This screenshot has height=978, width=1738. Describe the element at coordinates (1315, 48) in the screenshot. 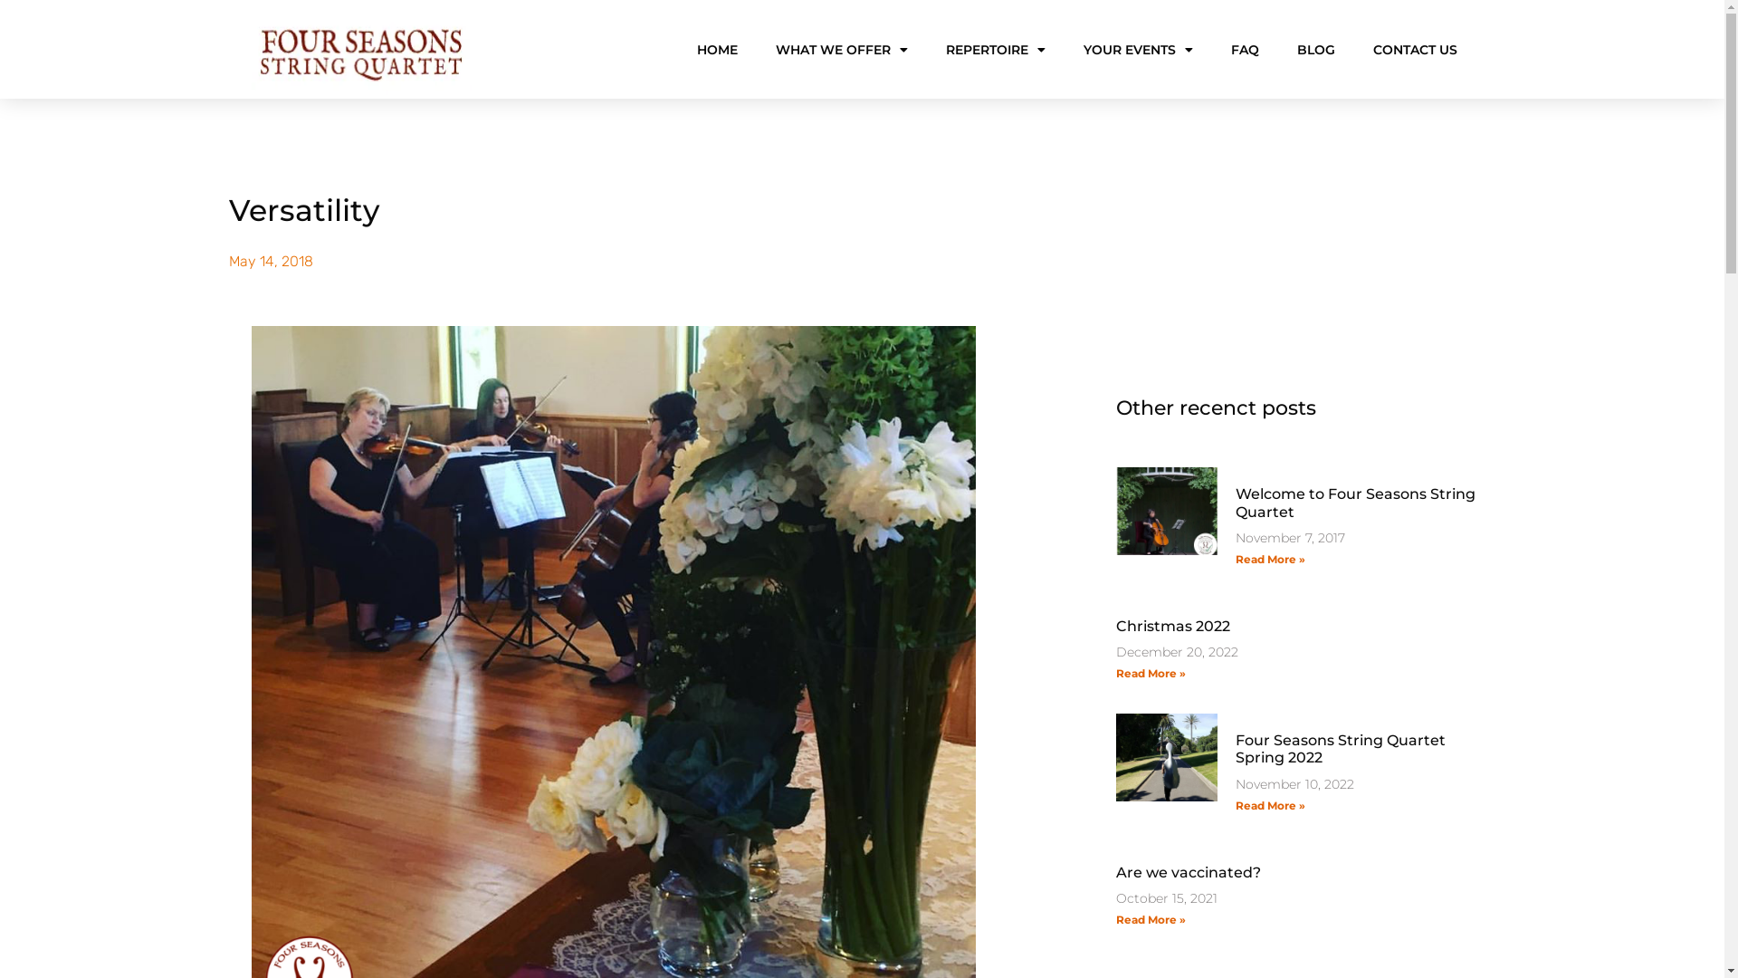

I see `'BLOG'` at that location.